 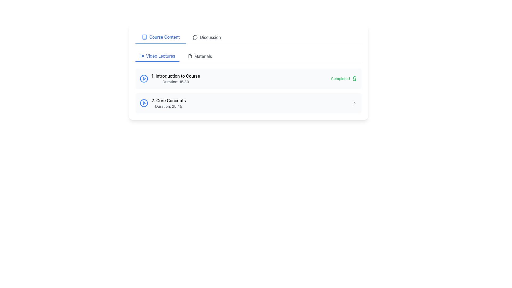 What do you see at coordinates (354, 77) in the screenshot?
I see `the green circular part of the award-shaped icon located to the right of the 'Completed' text` at bounding box center [354, 77].